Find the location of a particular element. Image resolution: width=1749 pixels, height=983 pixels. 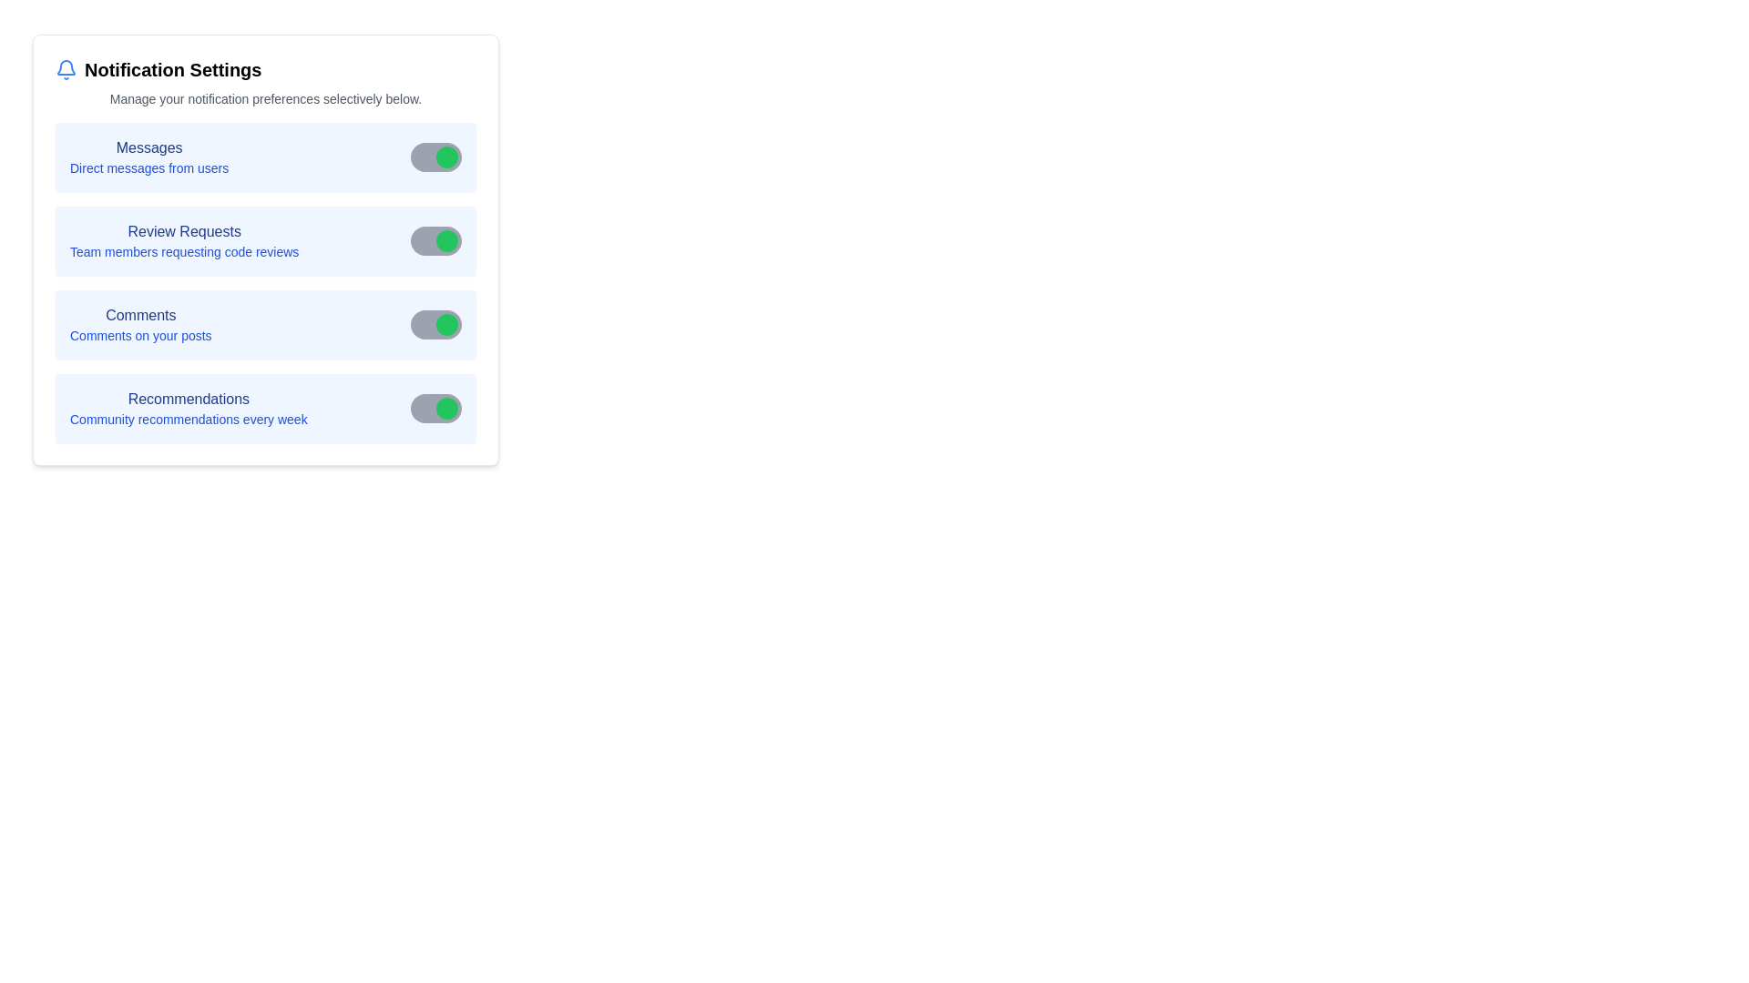

the toggle switch in the fourth item of the vertically stacked list of components to change its state is located at coordinates (265, 407).